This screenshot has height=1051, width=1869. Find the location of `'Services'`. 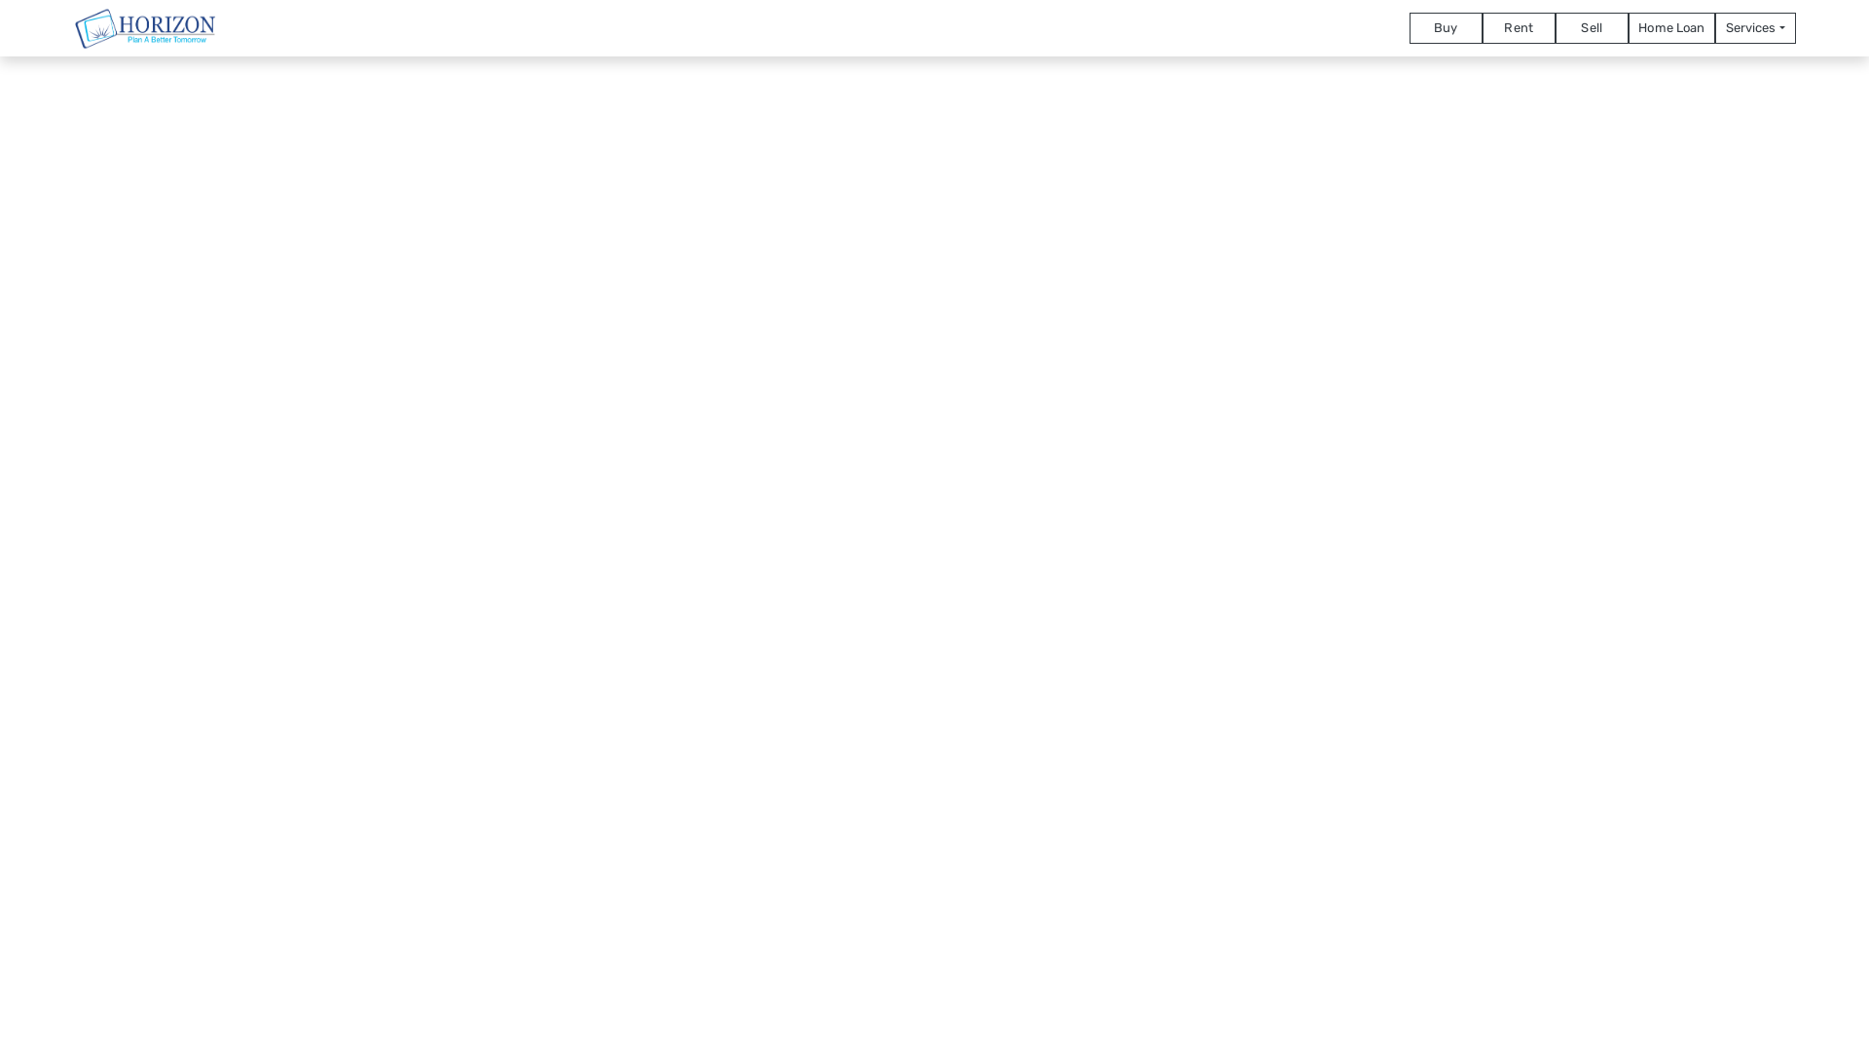

'Services' is located at coordinates (1755, 27).